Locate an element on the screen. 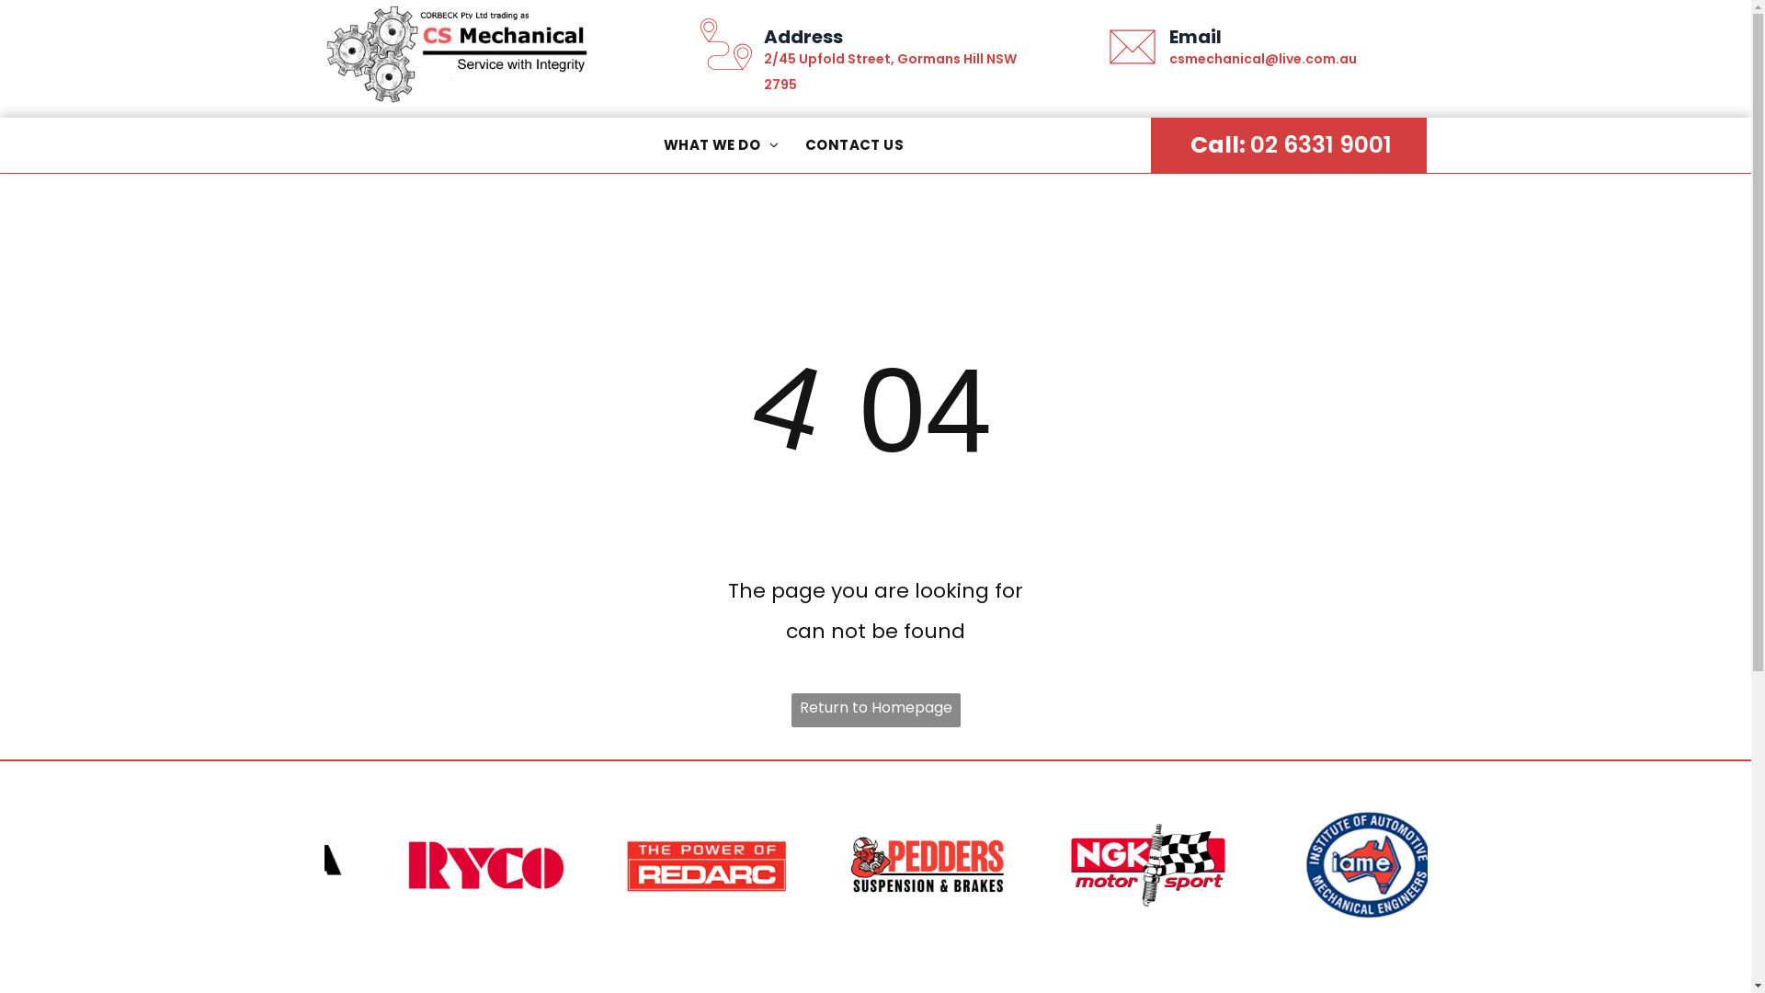  '02 6331 9001' is located at coordinates (1319, 143).